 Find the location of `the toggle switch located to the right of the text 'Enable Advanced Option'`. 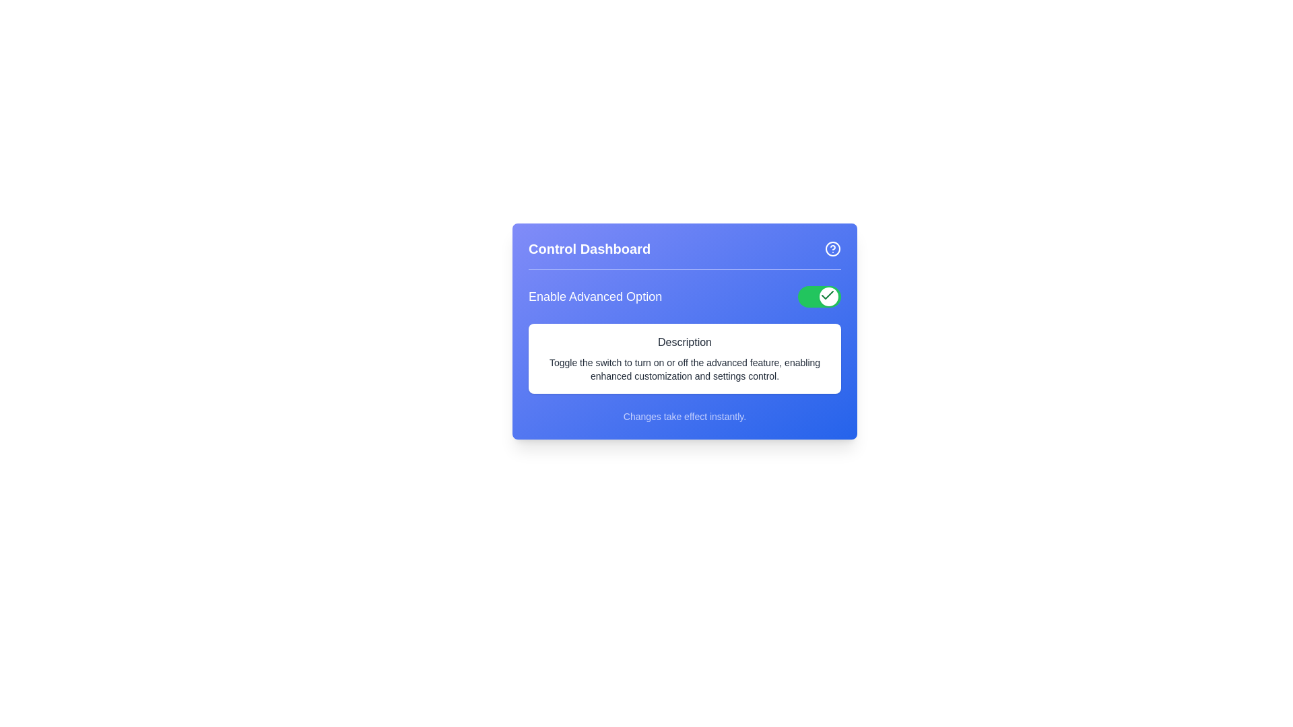

the toggle switch located to the right of the text 'Enable Advanced Option' is located at coordinates (819, 296).